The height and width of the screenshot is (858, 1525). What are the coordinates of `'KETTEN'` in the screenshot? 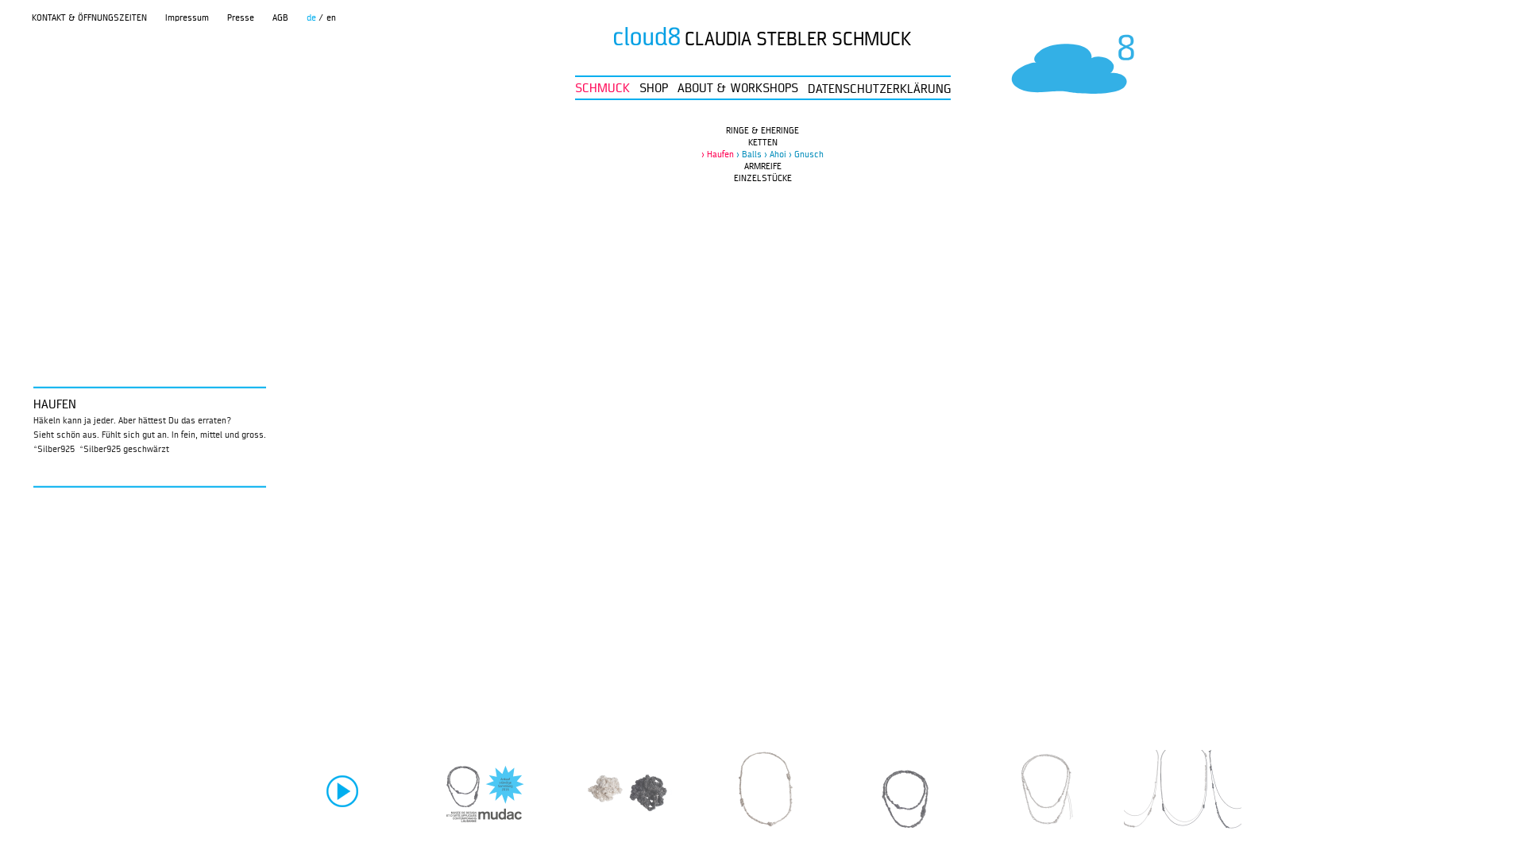 It's located at (747, 143).